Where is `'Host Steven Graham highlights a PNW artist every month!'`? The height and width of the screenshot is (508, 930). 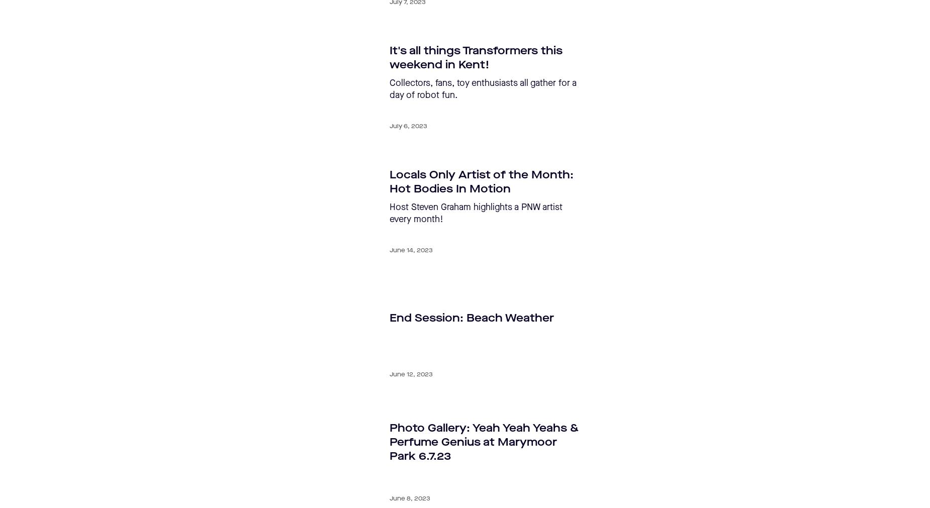
'Host Steven Graham highlights a PNW artist every month!' is located at coordinates (389, 213).